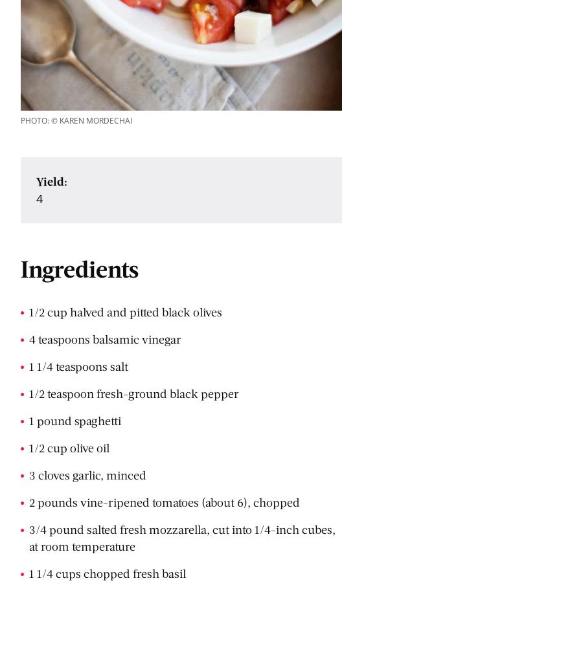  Describe the element at coordinates (69, 447) in the screenshot. I see `'1/2 cup olive oil'` at that location.